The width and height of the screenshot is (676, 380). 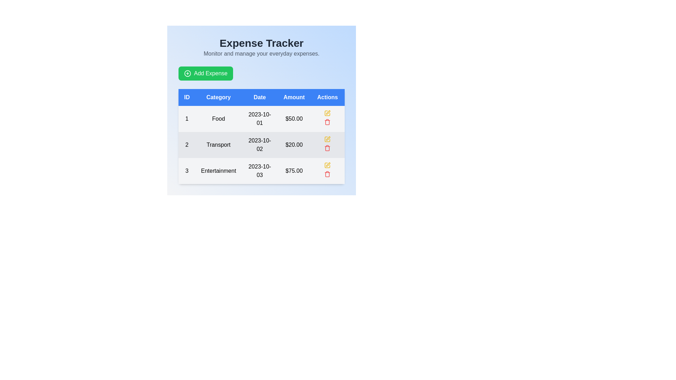 I want to click on the trash bin icon located in the 'Actions' column of the table row representing the expense with ID '2' and category 'Transport', so click(x=327, y=145).